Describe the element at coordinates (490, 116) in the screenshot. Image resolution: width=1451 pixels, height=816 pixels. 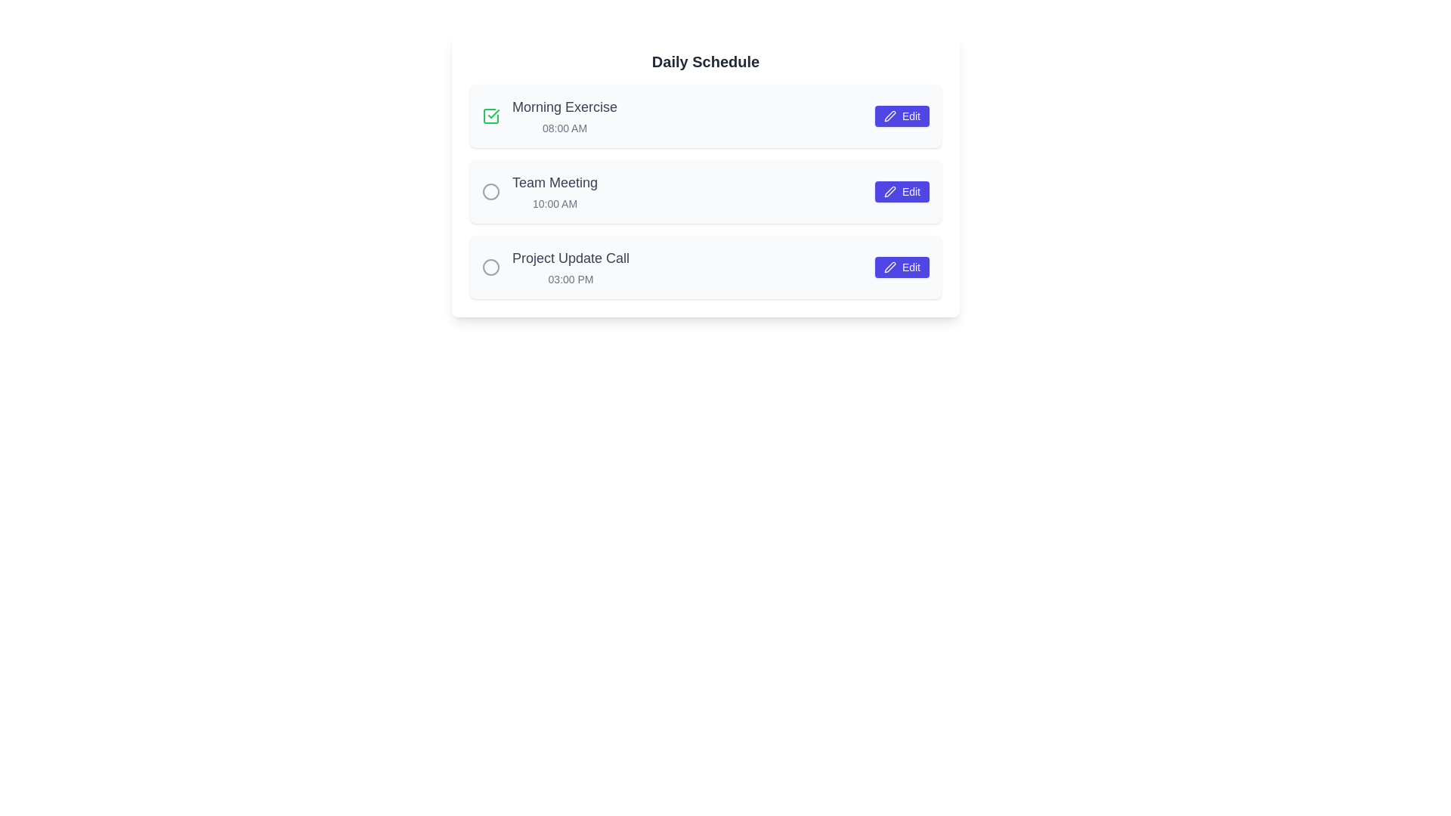
I see `the green-outlined square Checkbox icon with a checkmark inside` at that location.